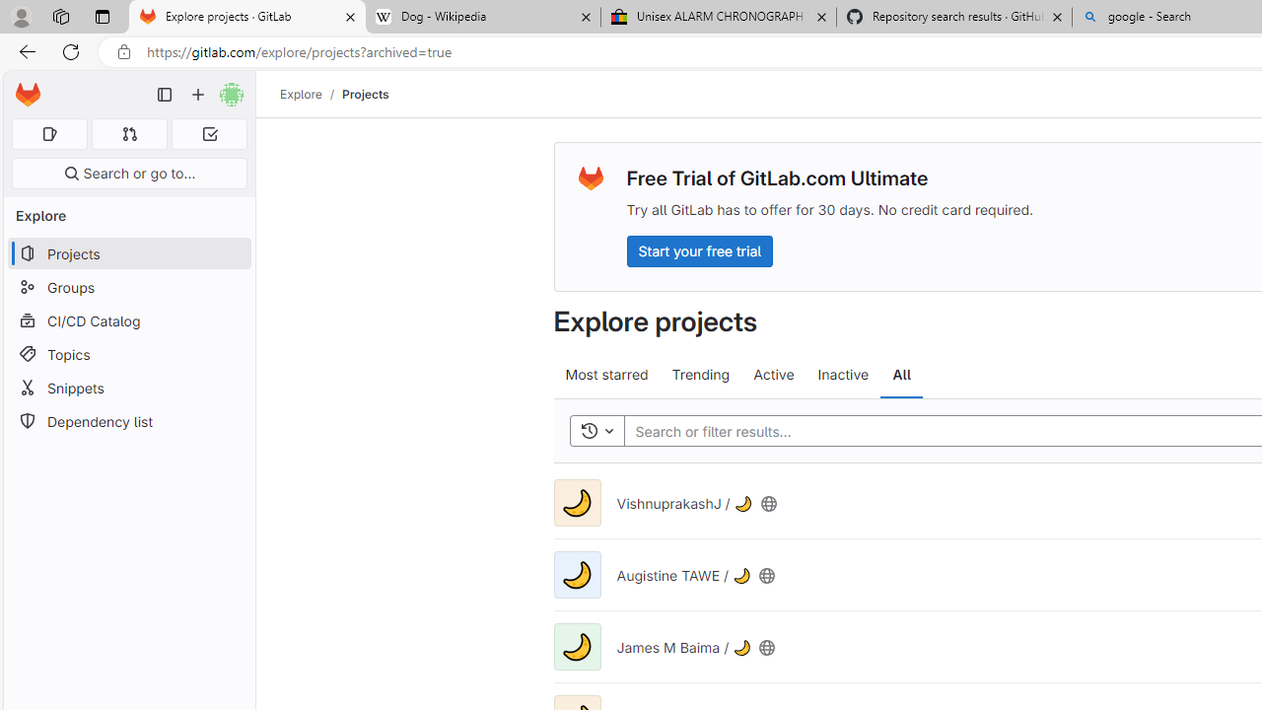 The width and height of the screenshot is (1262, 710). I want to click on 'Explore/', so click(311, 94).